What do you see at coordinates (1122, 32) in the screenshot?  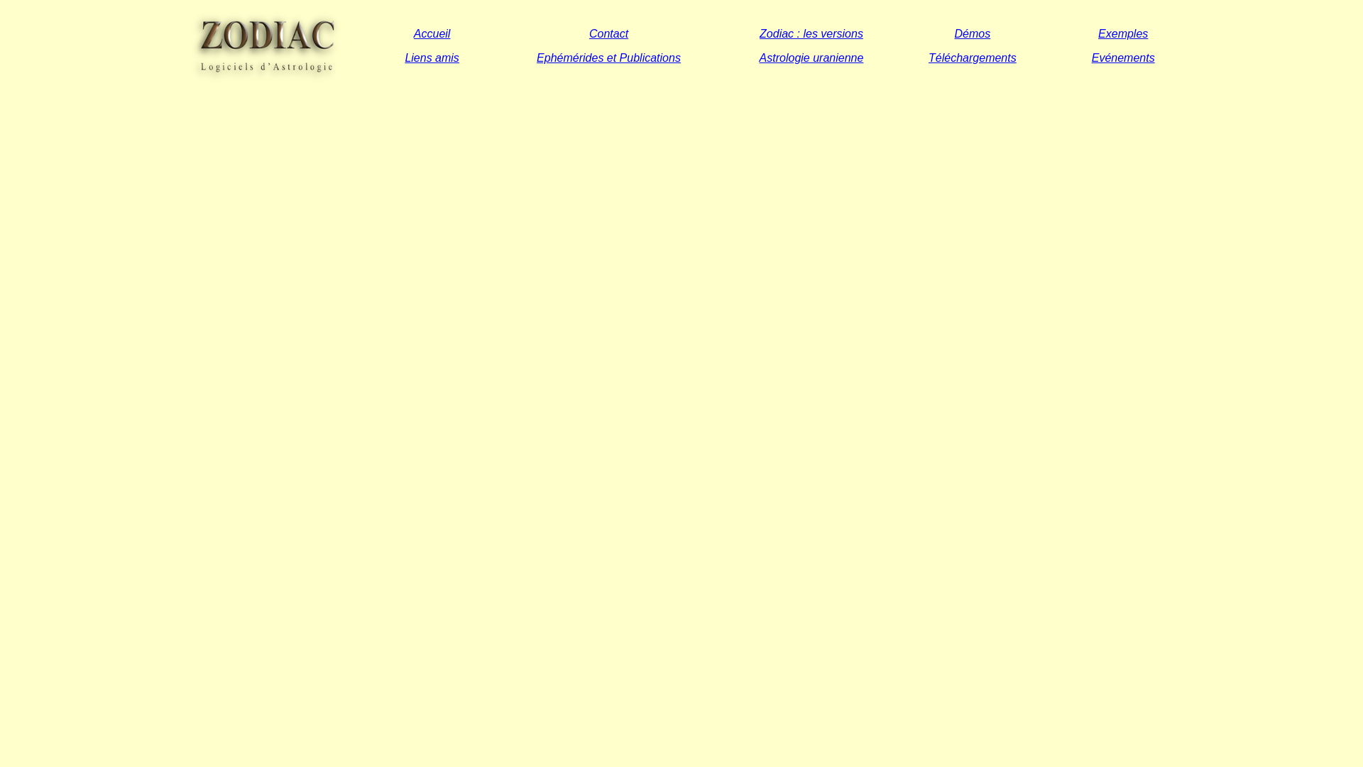 I see `'Exemples'` at bounding box center [1122, 32].